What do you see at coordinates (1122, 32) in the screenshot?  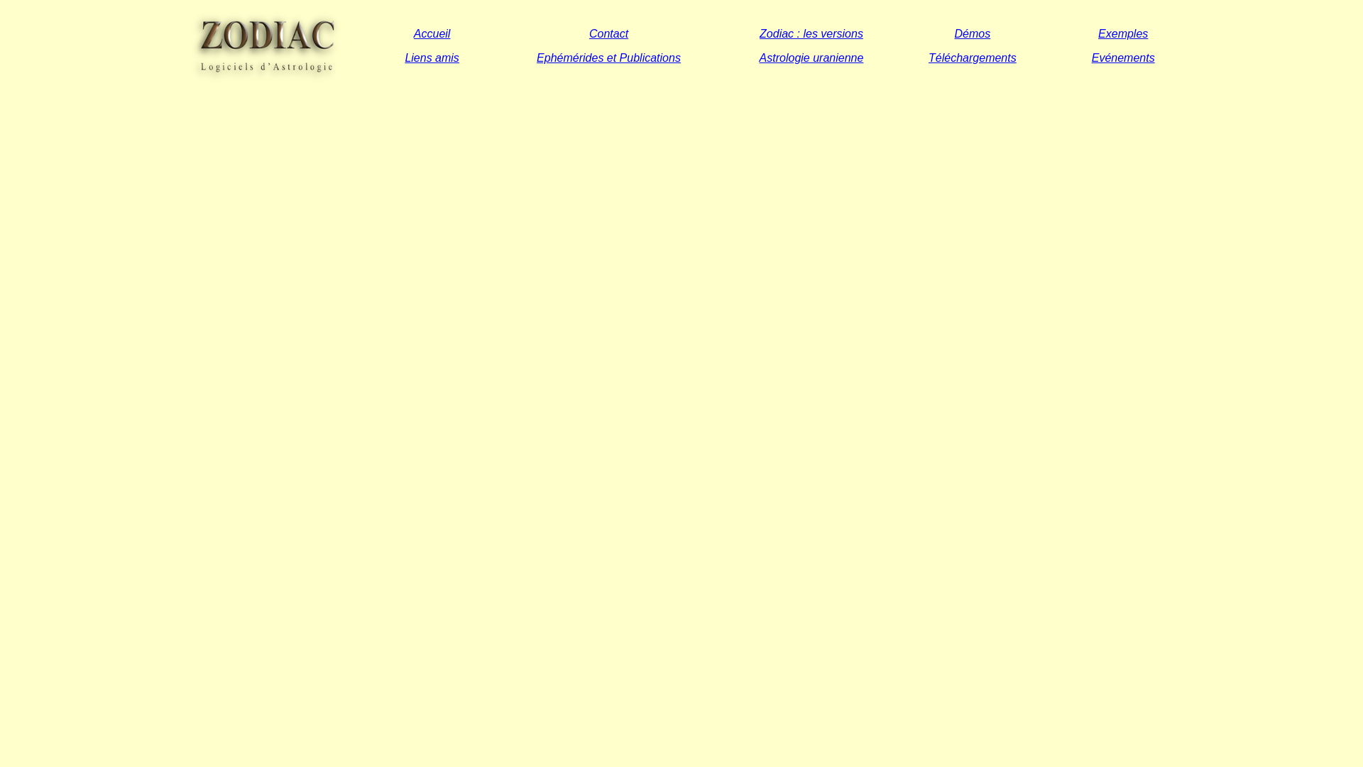 I see `'Exemples'` at bounding box center [1122, 32].